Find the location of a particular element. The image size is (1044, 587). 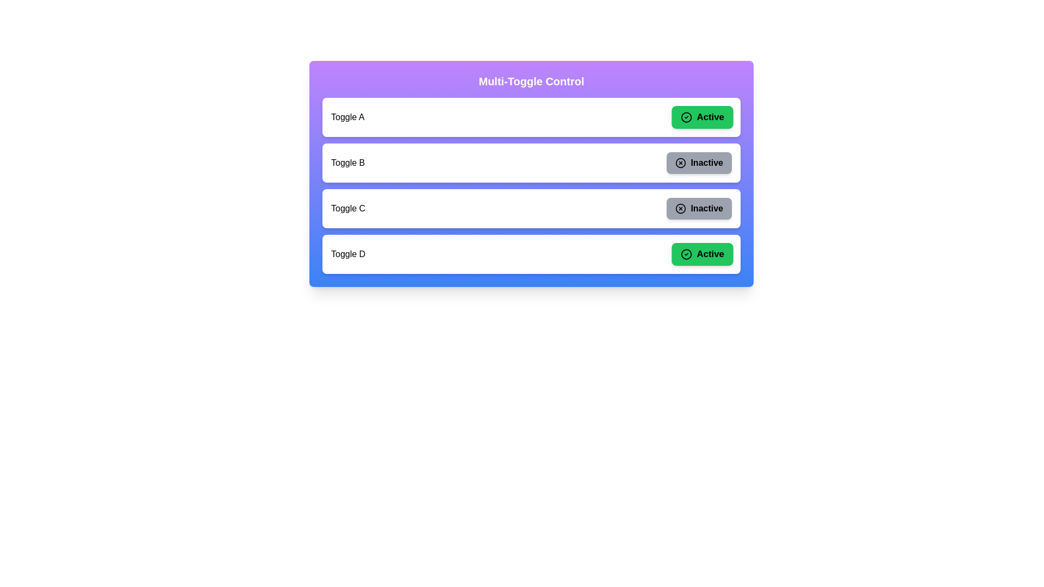

the toggle option labeled 'Toggle B' to change its state from 'Inactive' to 'Active' is located at coordinates (531, 173).